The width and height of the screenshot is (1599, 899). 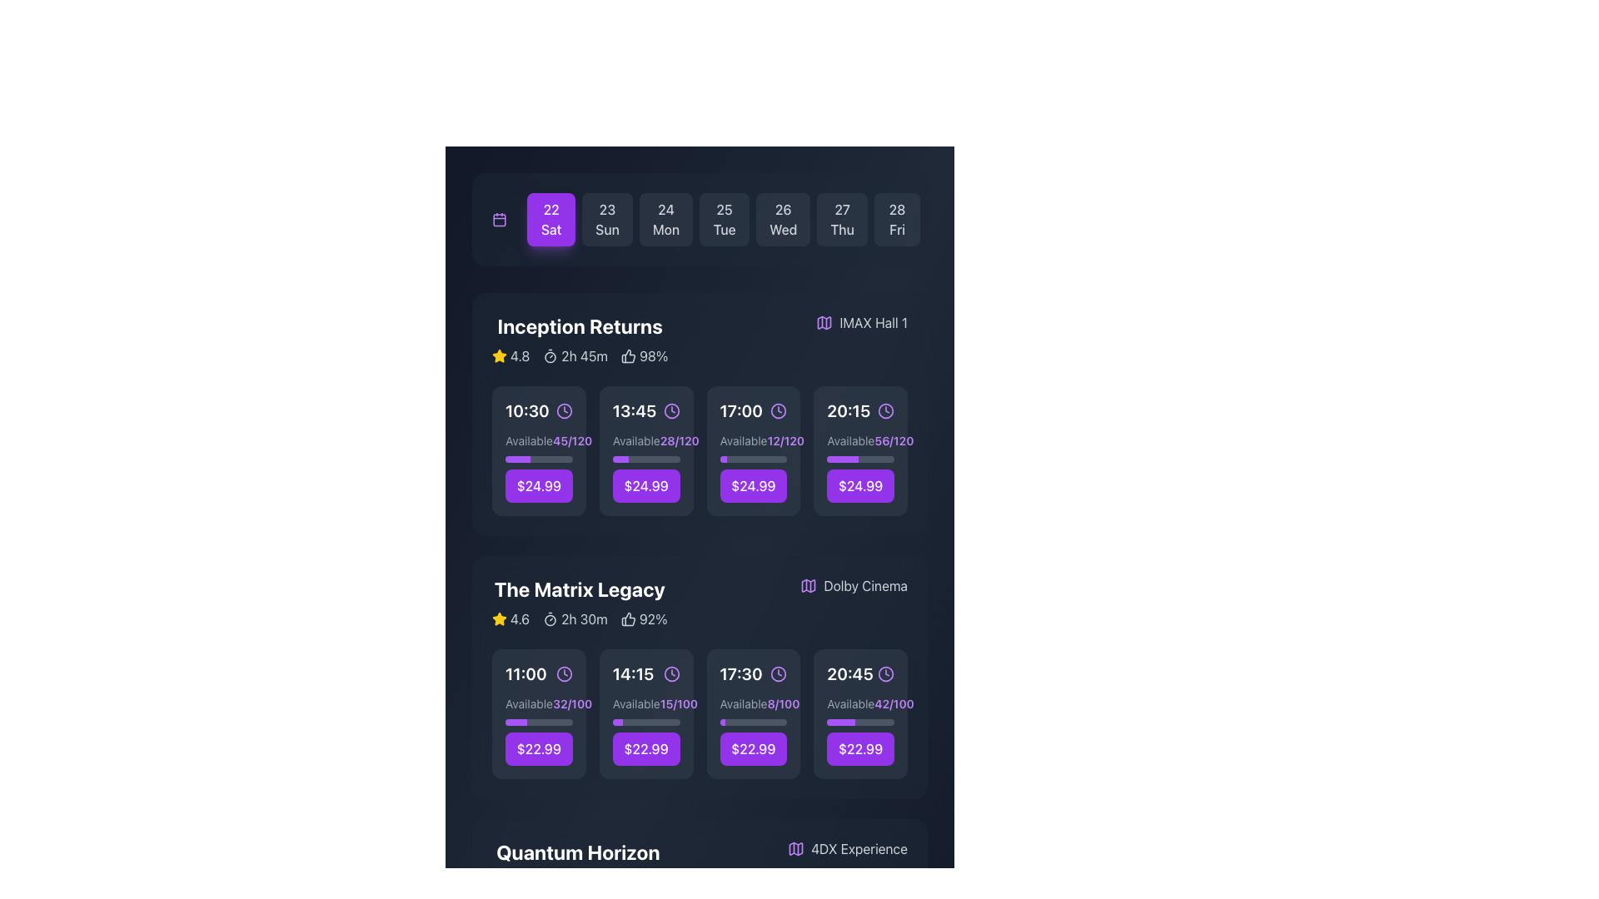 I want to click on the thumbs-up icon with a white outline located under 'The Matrix Legacy' and adjacent to the rating '92%', so click(x=627, y=619).